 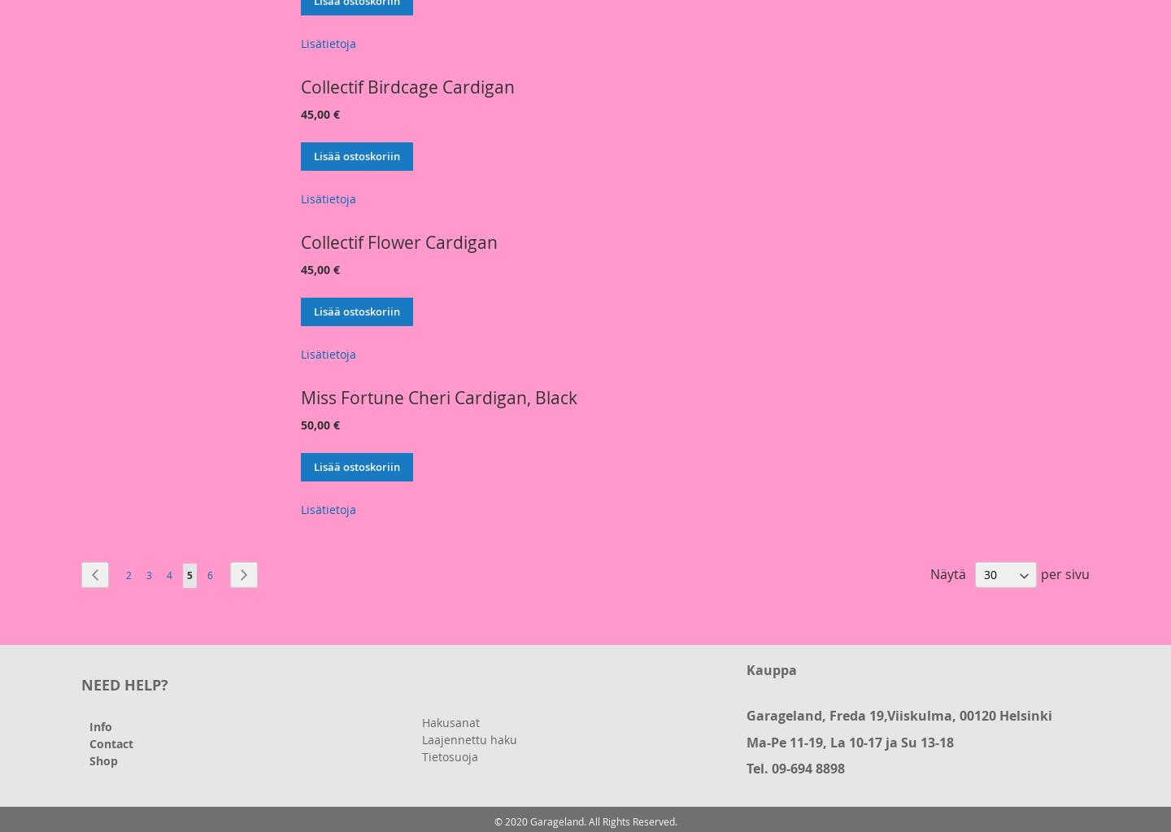 I want to click on 'Collectif Flower Cardigan', so click(x=398, y=241).